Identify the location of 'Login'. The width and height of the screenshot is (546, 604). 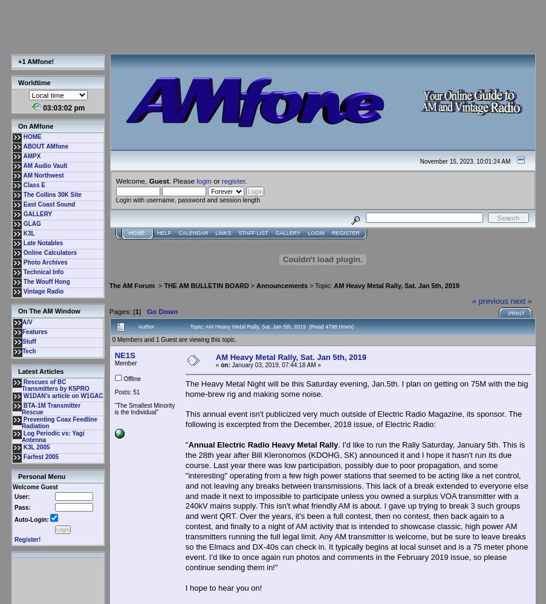
(315, 233).